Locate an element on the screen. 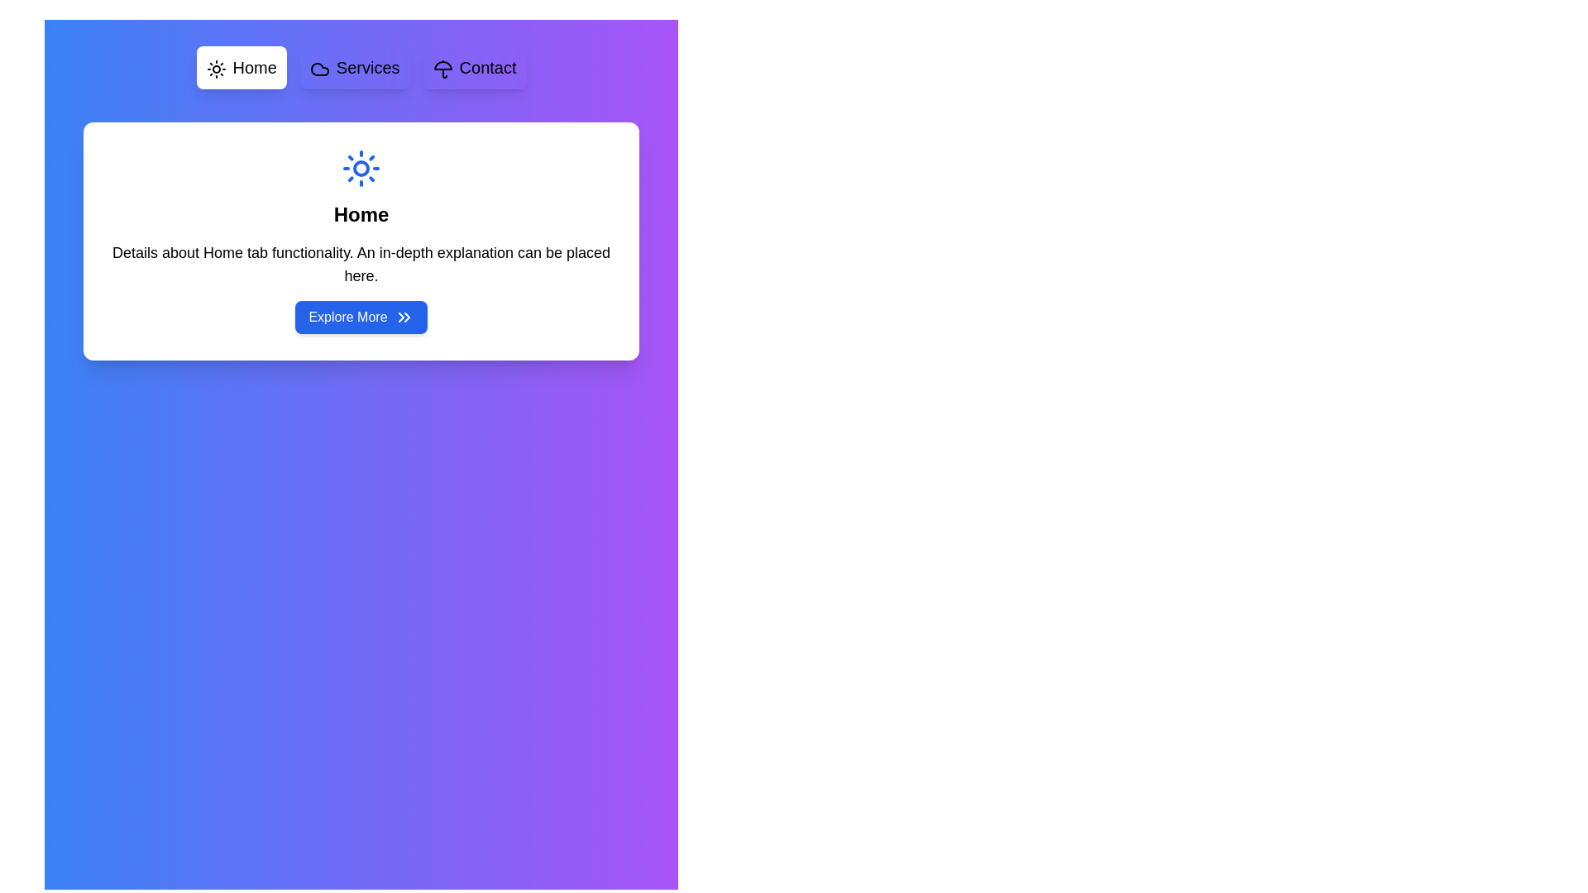 The image size is (1588, 893). the 'Contact' button that contains the icon representing the contact functionality, located in the top navigation bar towards the right is located at coordinates (442, 68).